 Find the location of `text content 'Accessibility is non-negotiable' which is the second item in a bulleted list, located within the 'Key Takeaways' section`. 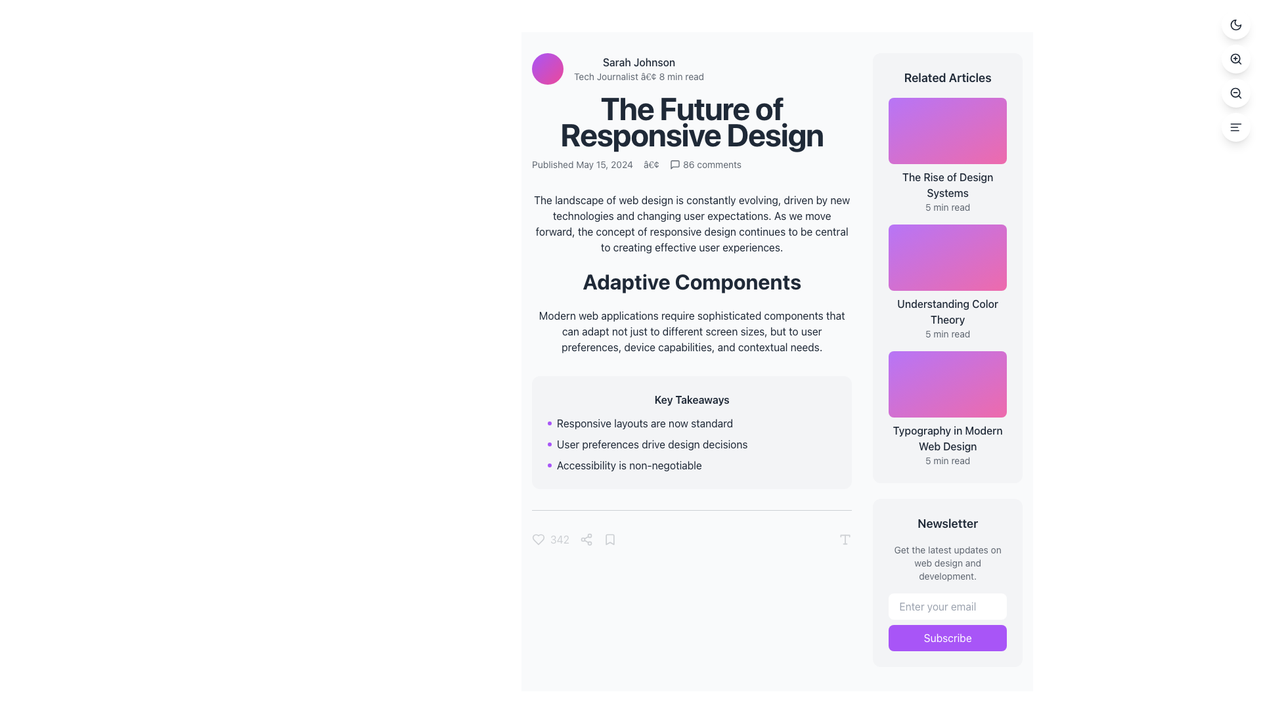

text content 'Accessibility is non-negotiable' which is the second item in a bulleted list, located within the 'Key Takeaways' section is located at coordinates (629, 465).